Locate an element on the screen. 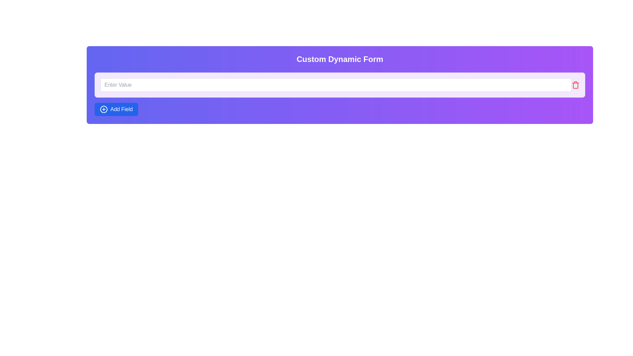 The height and width of the screenshot is (356, 633). the 'Add Field' button which contains the icon for adding a field, located towards the left side of the button is located at coordinates (104, 109).